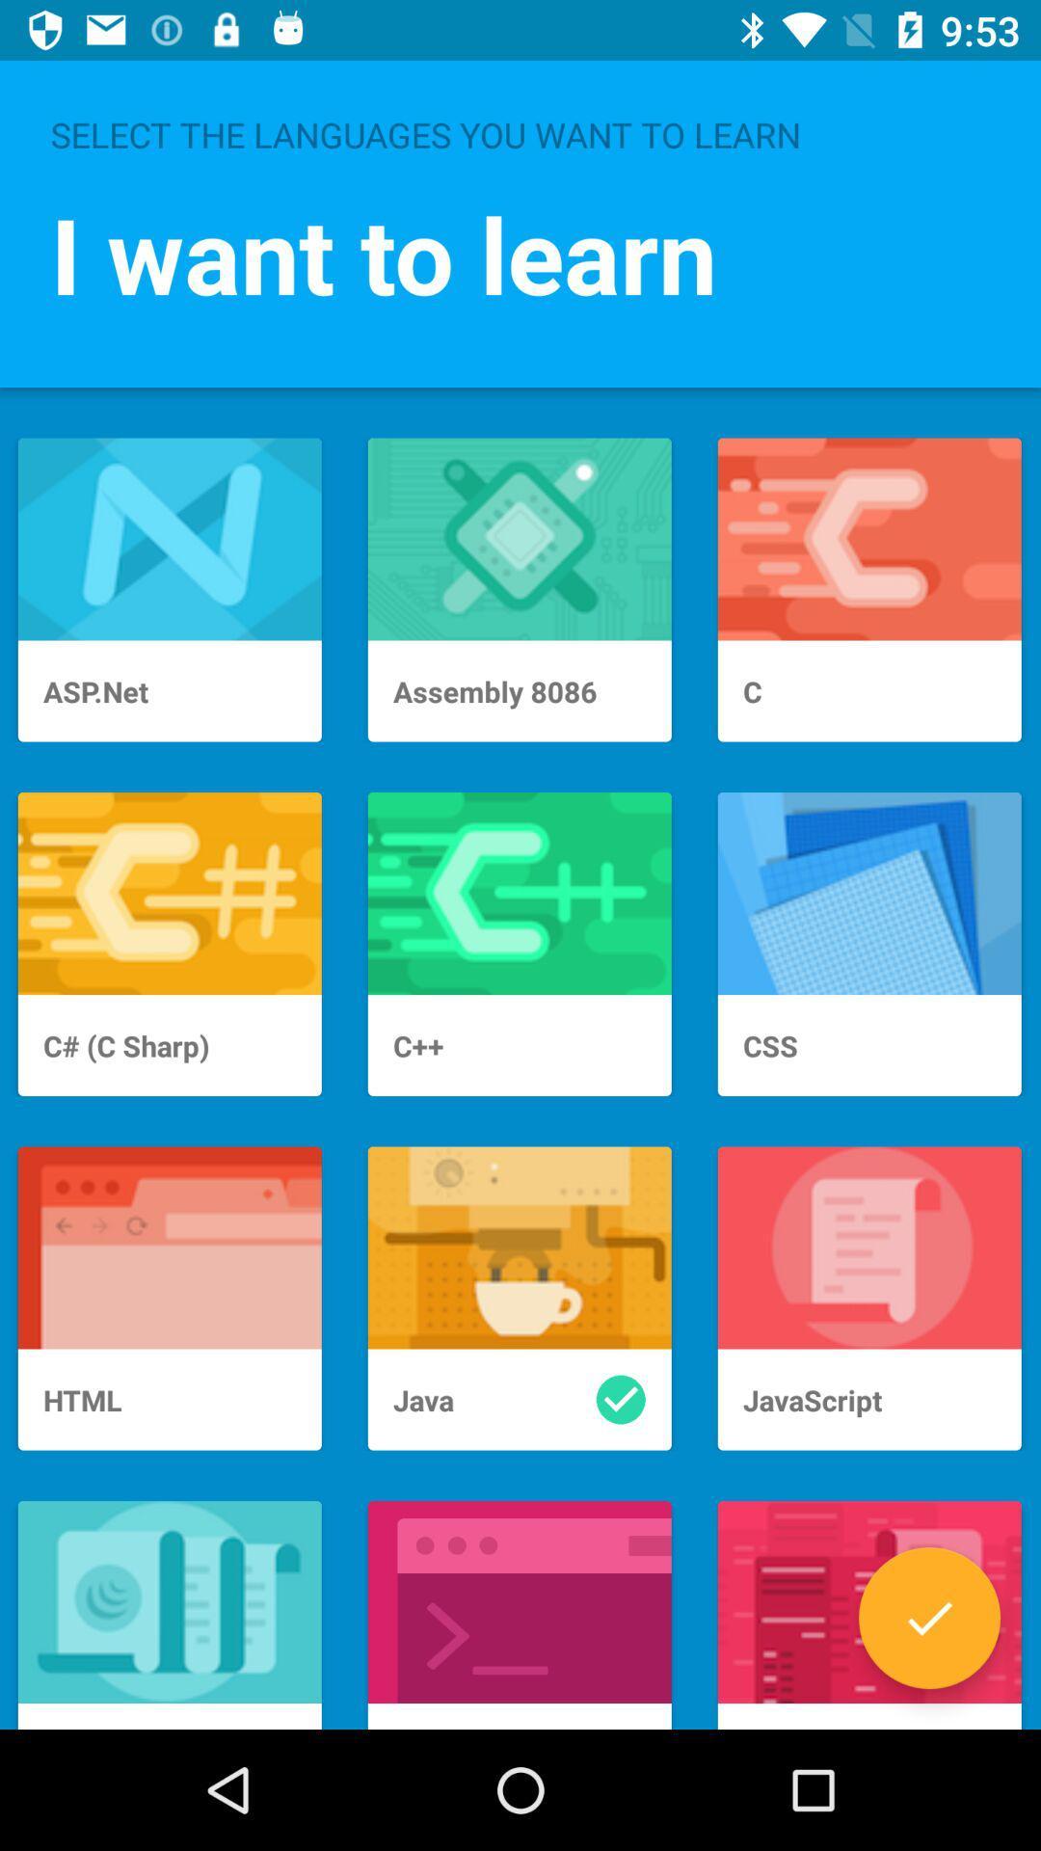 Image resolution: width=1041 pixels, height=1851 pixels. I want to click on language, so click(928, 1618).